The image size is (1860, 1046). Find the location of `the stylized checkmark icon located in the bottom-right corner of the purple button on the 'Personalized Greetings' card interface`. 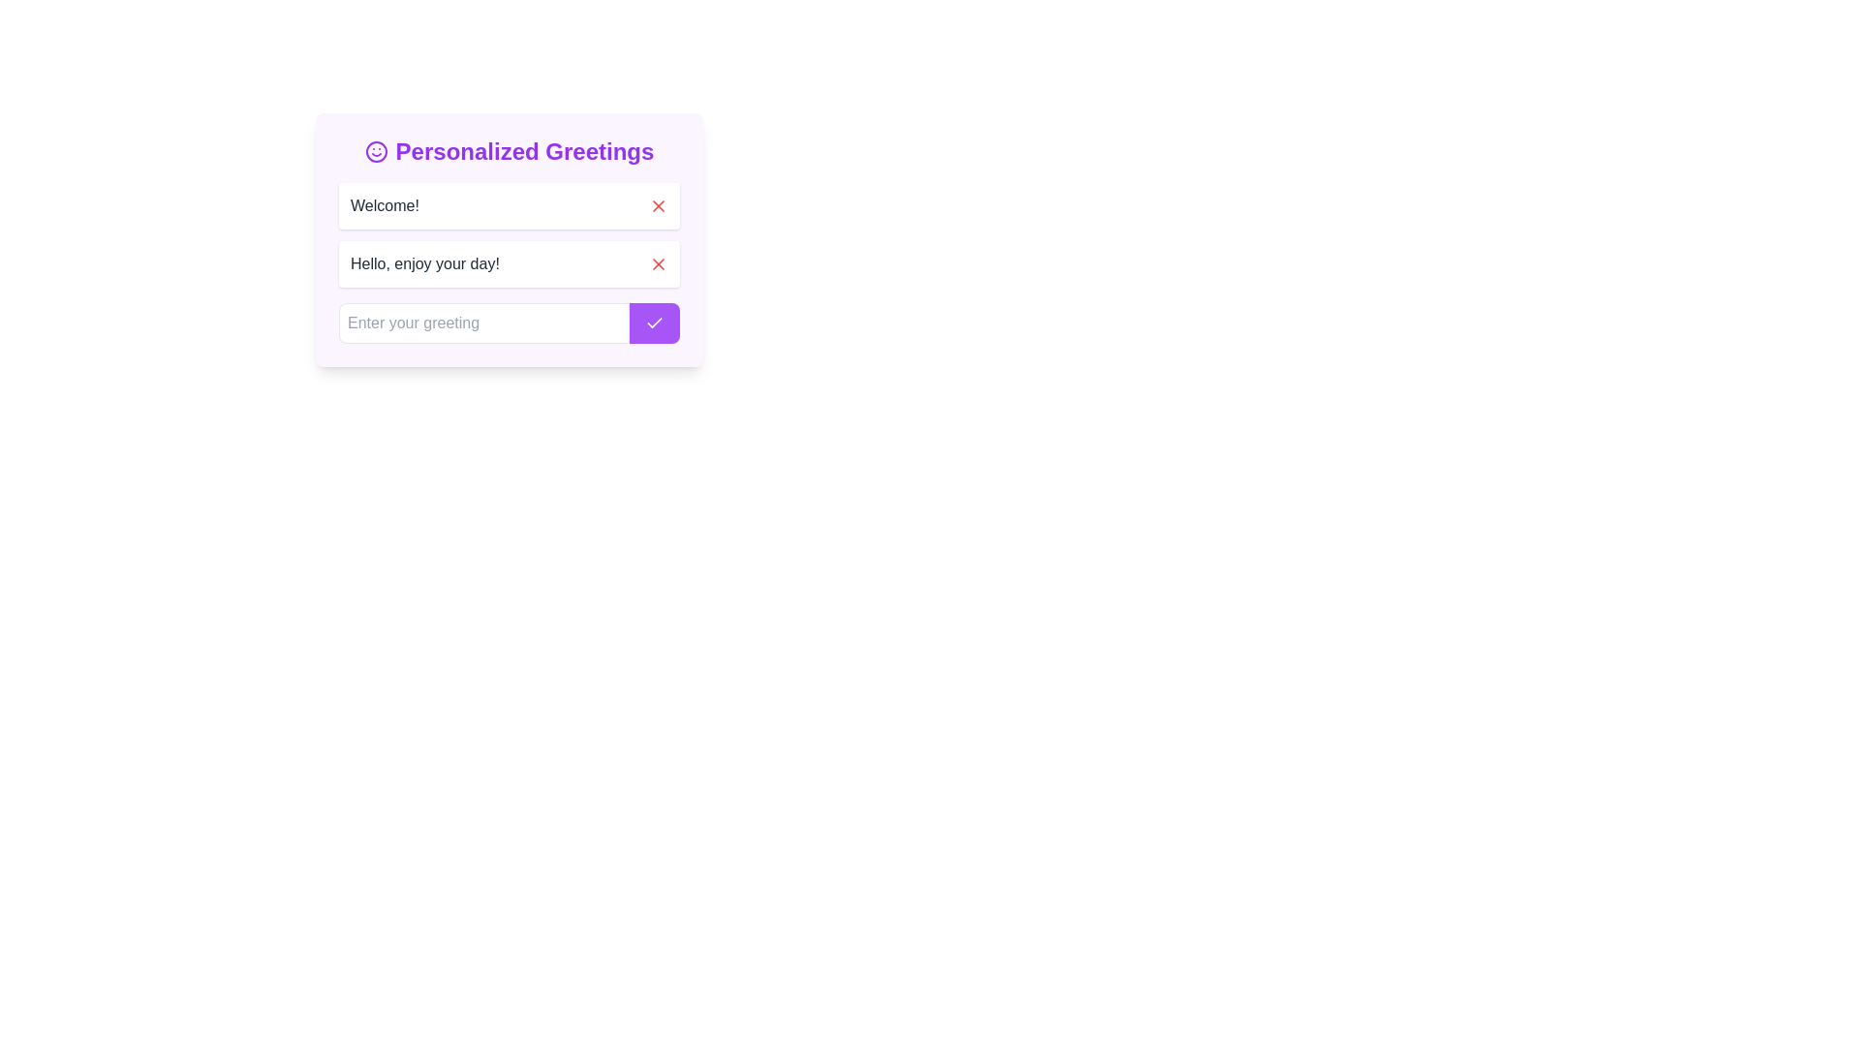

the stylized checkmark icon located in the bottom-right corner of the purple button on the 'Personalized Greetings' card interface is located at coordinates (655, 321).